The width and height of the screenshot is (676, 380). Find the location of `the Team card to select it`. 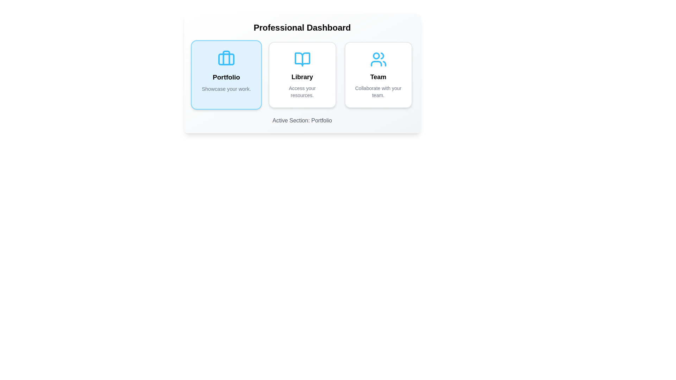

the Team card to select it is located at coordinates (378, 75).